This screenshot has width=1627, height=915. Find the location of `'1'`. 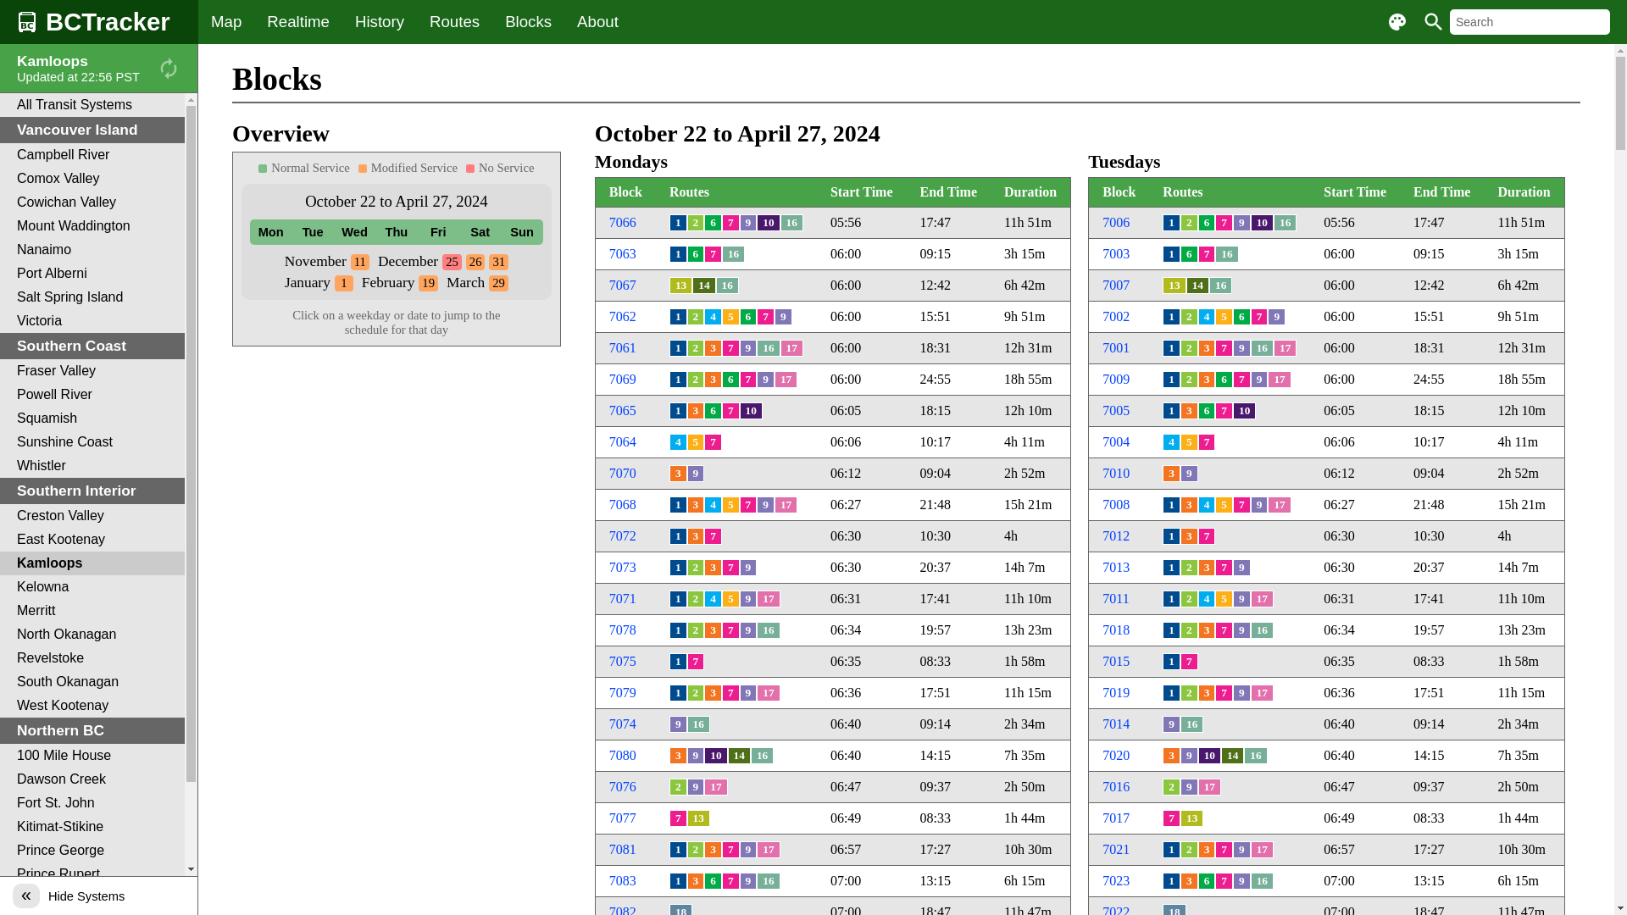

'1' is located at coordinates (1170, 347).